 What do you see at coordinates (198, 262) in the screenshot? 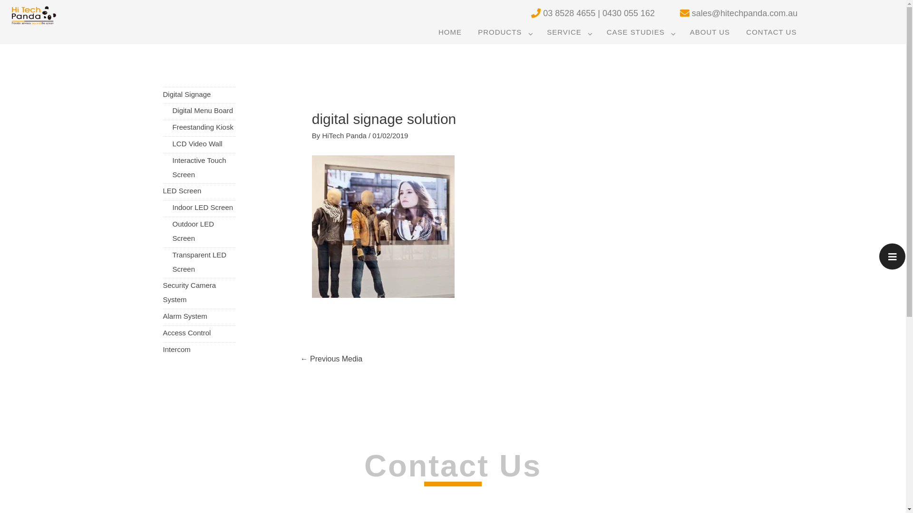
I see `'Transparent LED Screen'` at bounding box center [198, 262].